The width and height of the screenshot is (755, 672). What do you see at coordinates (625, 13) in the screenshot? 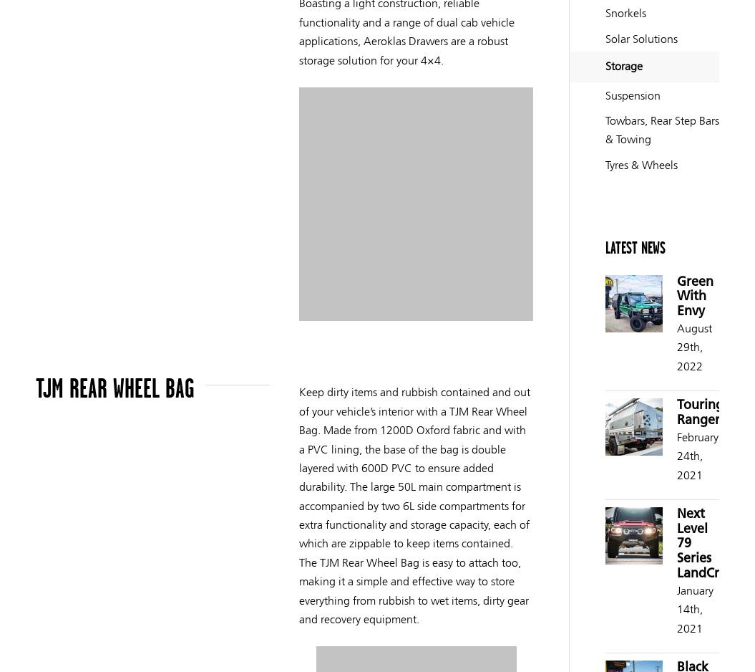
I see `'Snorkels'` at bounding box center [625, 13].